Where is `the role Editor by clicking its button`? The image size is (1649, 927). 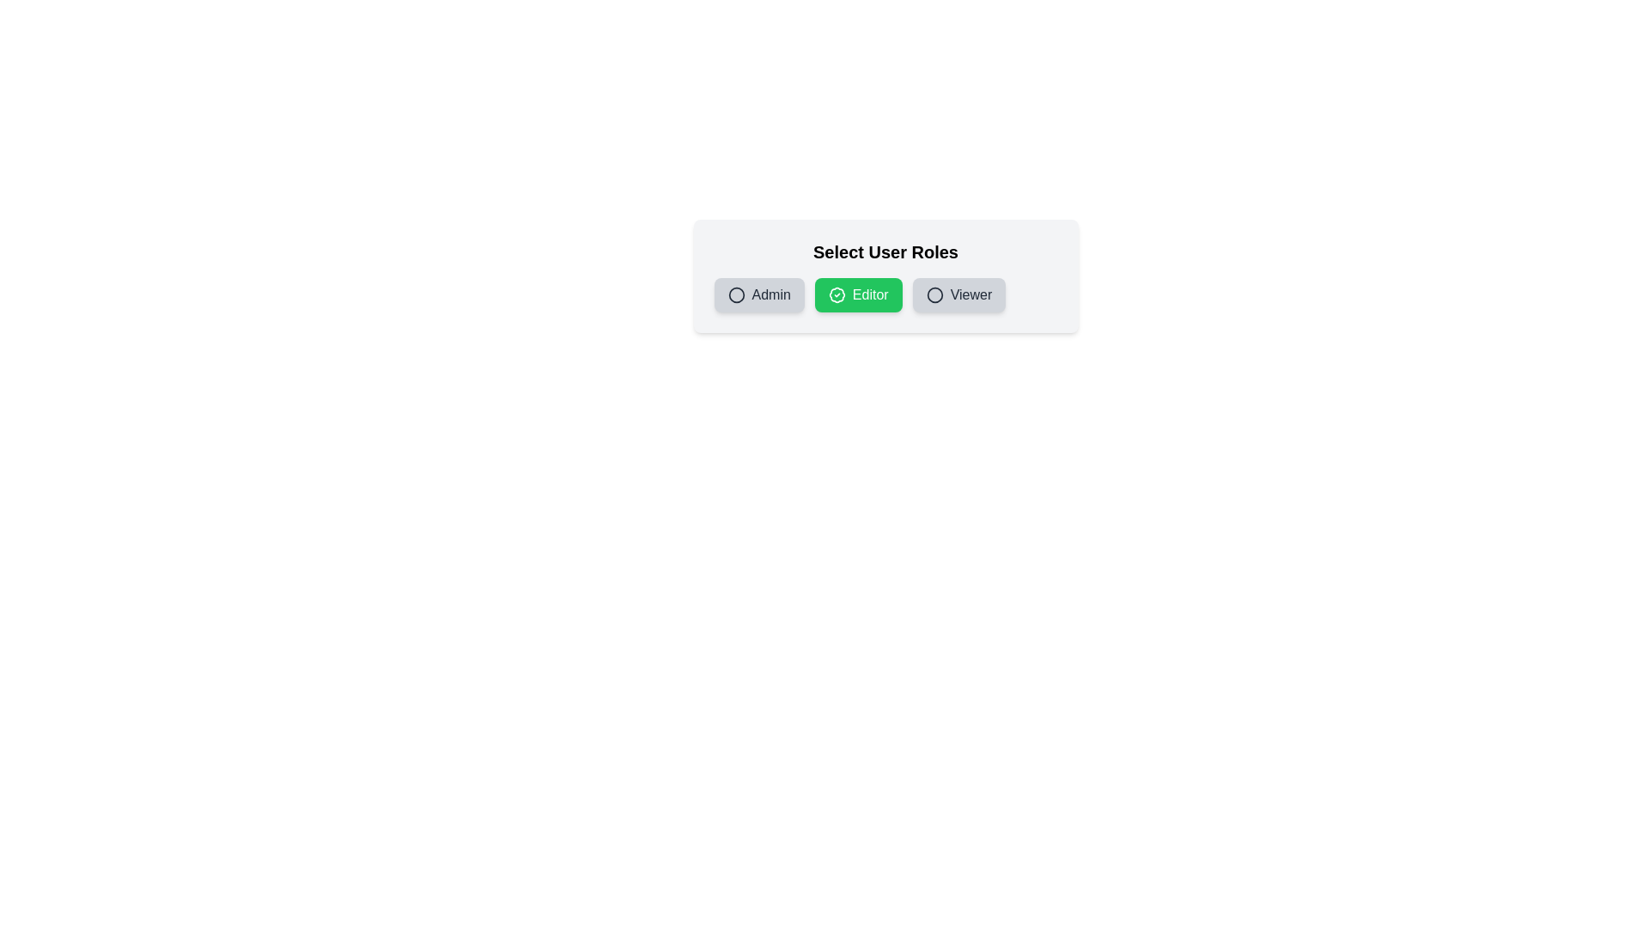
the role Editor by clicking its button is located at coordinates (858, 294).